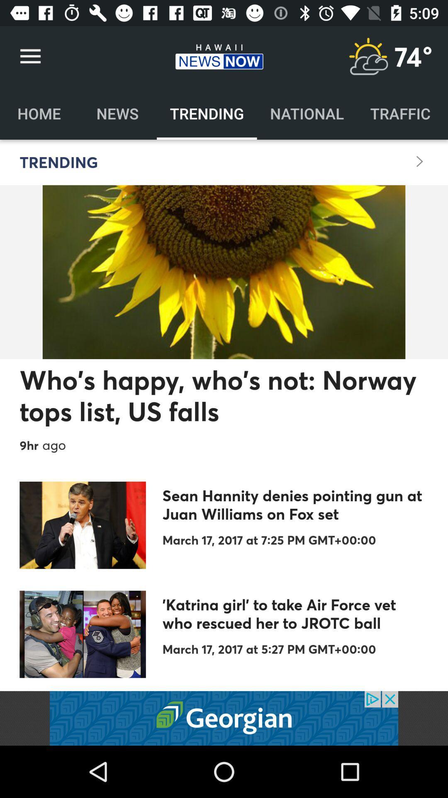 This screenshot has width=448, height=798. Describe the element at coordinates (224, 718) in the screenshot. I see `advertisement link` at that location.